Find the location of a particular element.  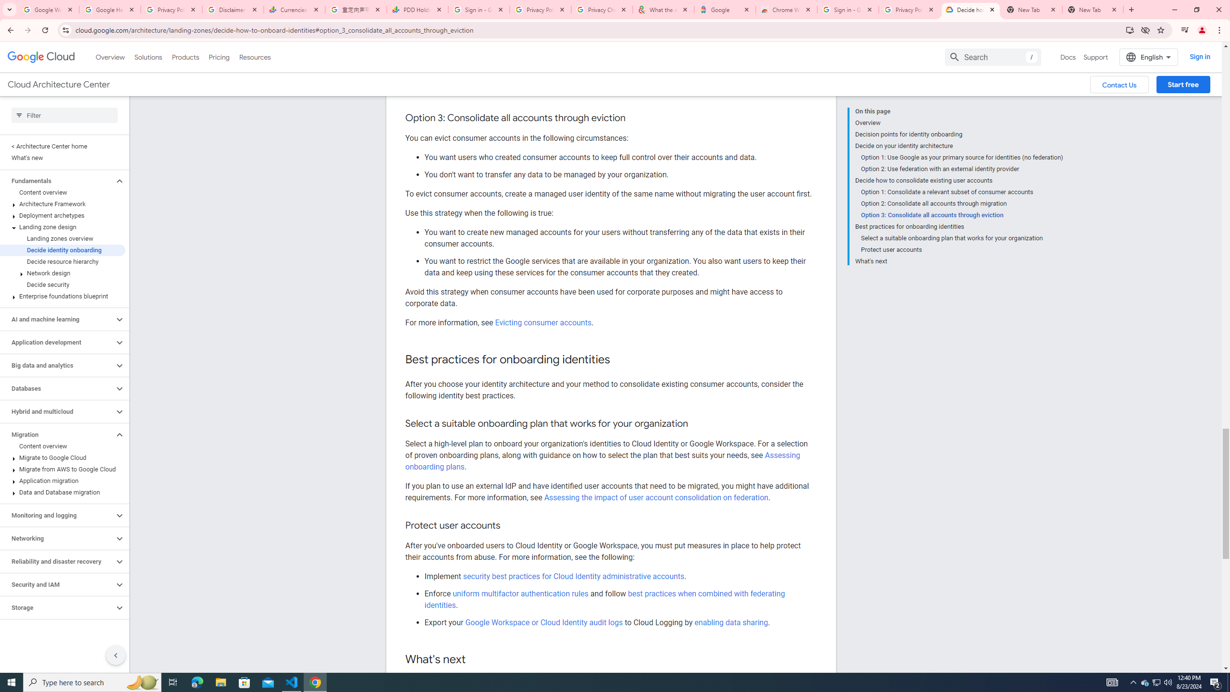

'Security and IAM' is located at coordinates (57, 584).